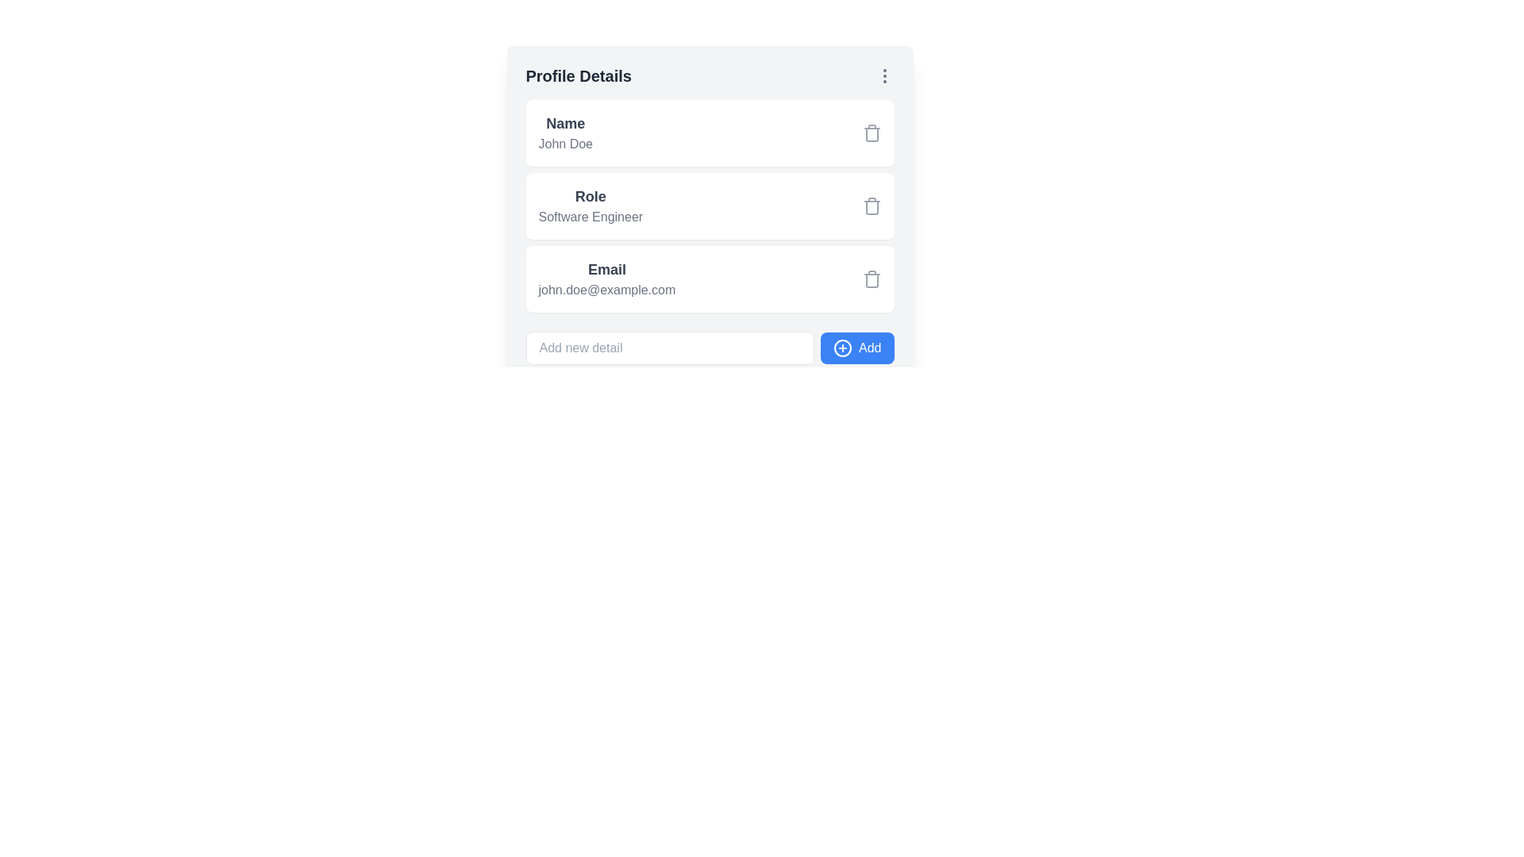 The height and width of the screenshot is (857, 1524). What do you see at coordinates (565, 144) in the screenshot?
I see `the text label displaying 'John Doe', which is styled with a gray font color and located below the 'Name' label in the 'Profile Details' section` at bounding box center [565, 144].